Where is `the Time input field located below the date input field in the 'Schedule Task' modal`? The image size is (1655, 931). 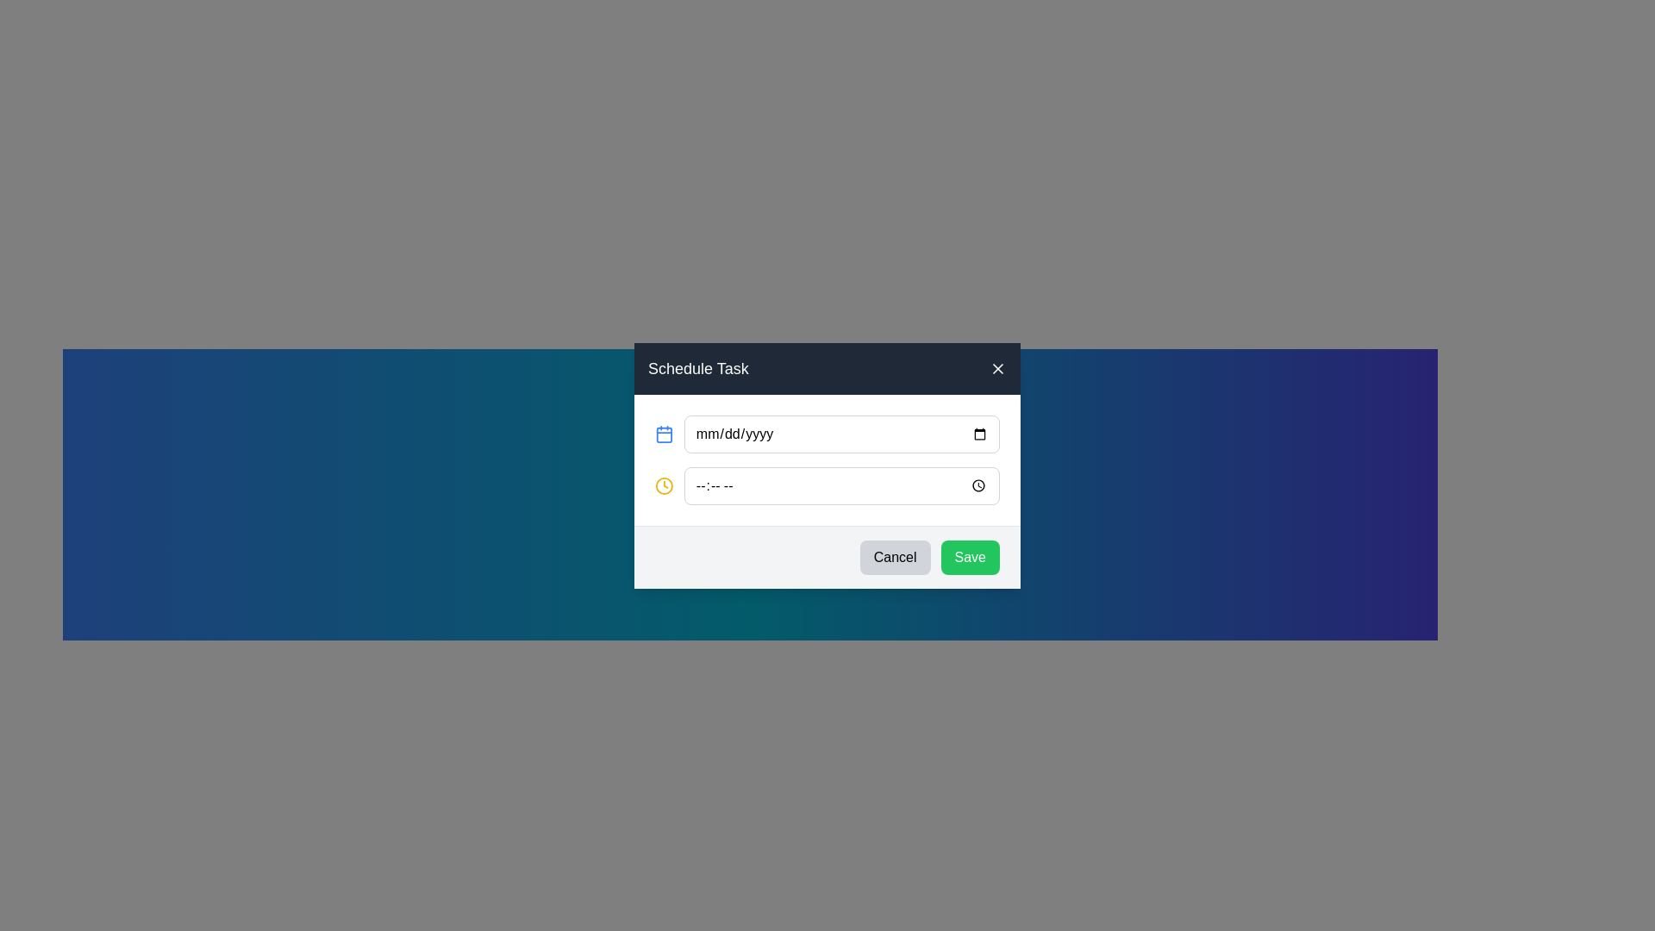
the Time input field located below the date input field in the 'Schedule Task' modal is located at coordinates (827, 485).